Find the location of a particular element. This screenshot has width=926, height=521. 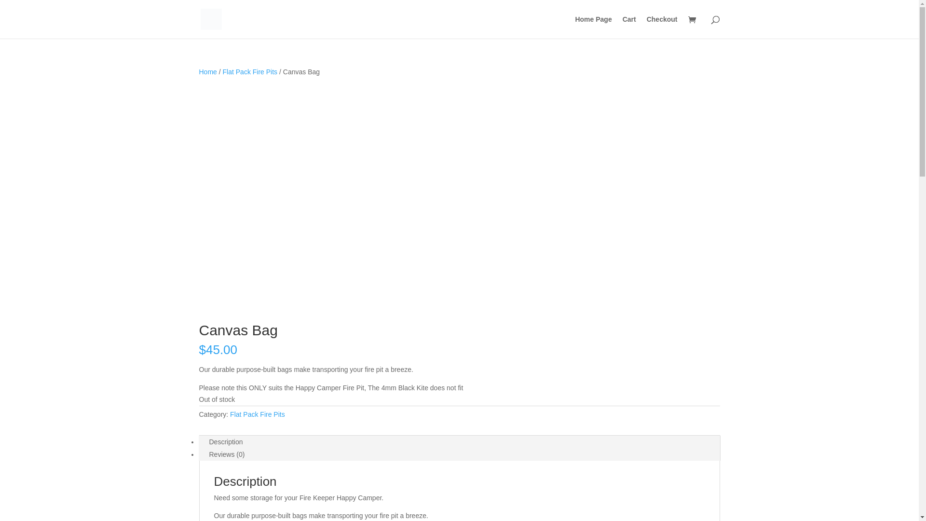

'Checkout' is located at coordinates (661, 27).